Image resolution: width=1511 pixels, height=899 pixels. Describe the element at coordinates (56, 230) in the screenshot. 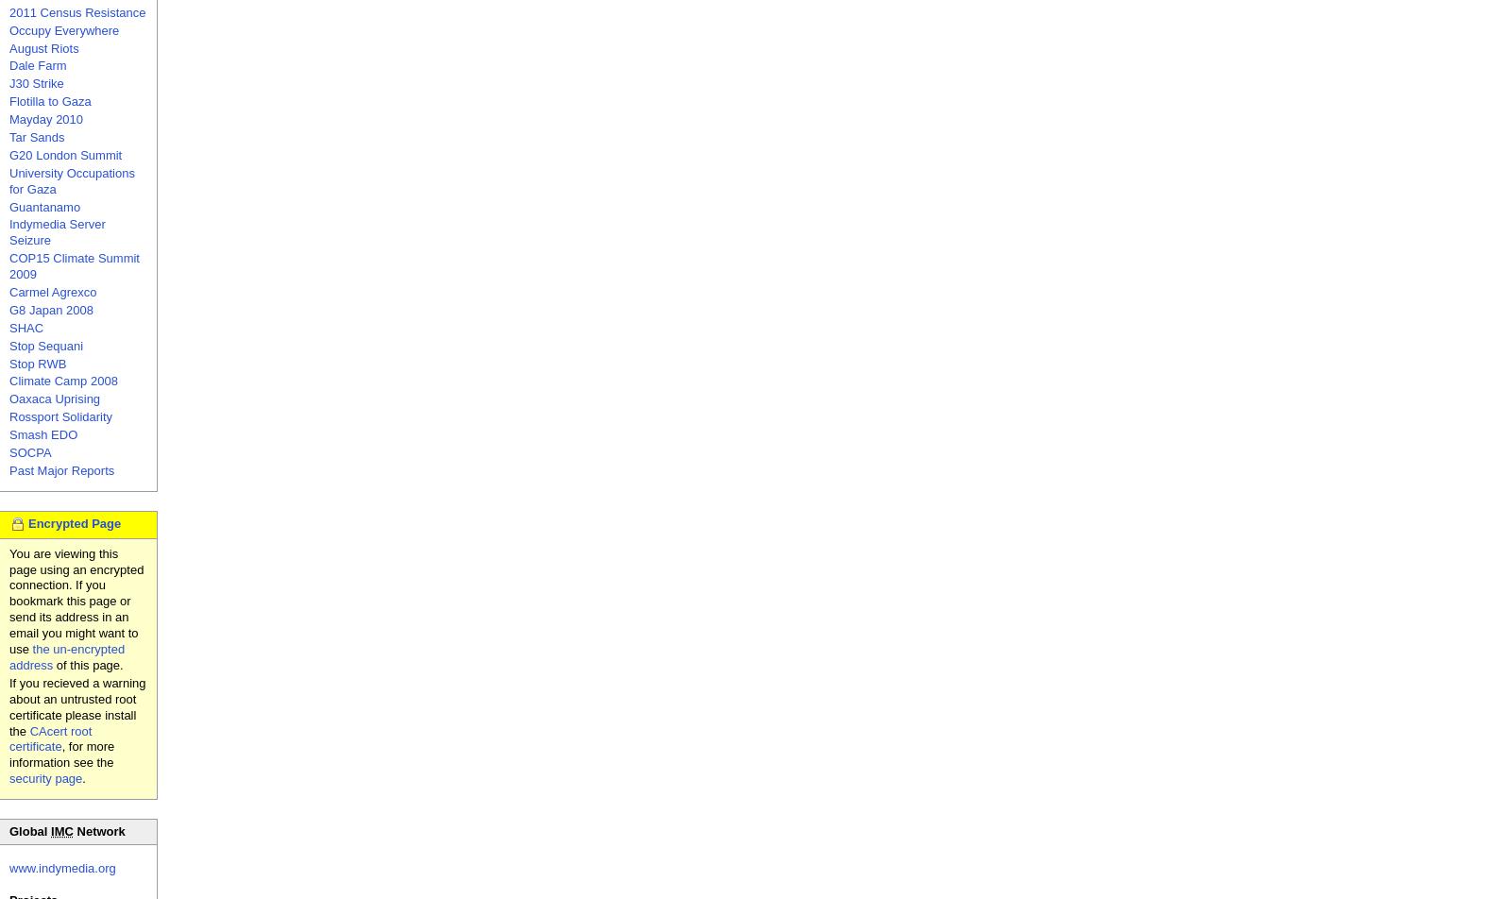

I see `'Indymedia Server Seizure'` at that location.